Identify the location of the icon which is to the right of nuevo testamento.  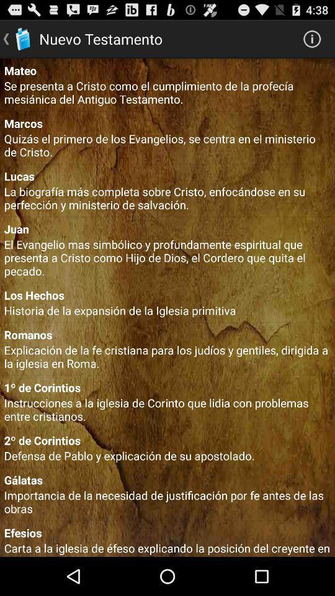
(311, 39).